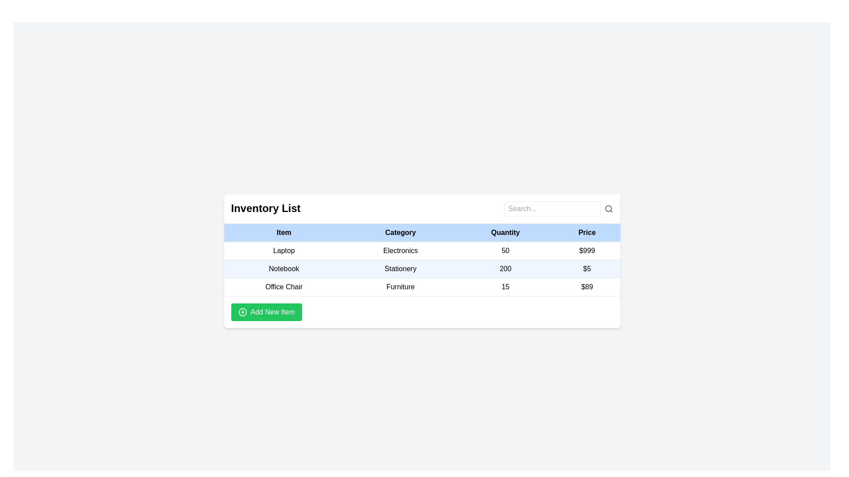 The height and width of the screenshot is (477, 849). I want to click on the table cell displaying the quantity '200' in the 'Quantity' column for the item 'Notebook', so click(505, 268).